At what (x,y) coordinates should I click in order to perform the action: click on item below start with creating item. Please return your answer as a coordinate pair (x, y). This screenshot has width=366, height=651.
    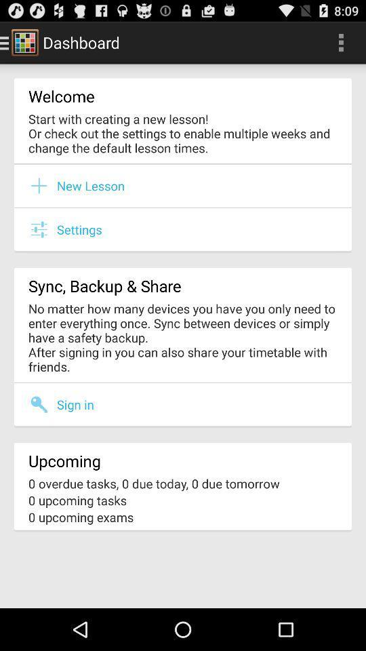
    Looking at the image, I should click on (183, 163).